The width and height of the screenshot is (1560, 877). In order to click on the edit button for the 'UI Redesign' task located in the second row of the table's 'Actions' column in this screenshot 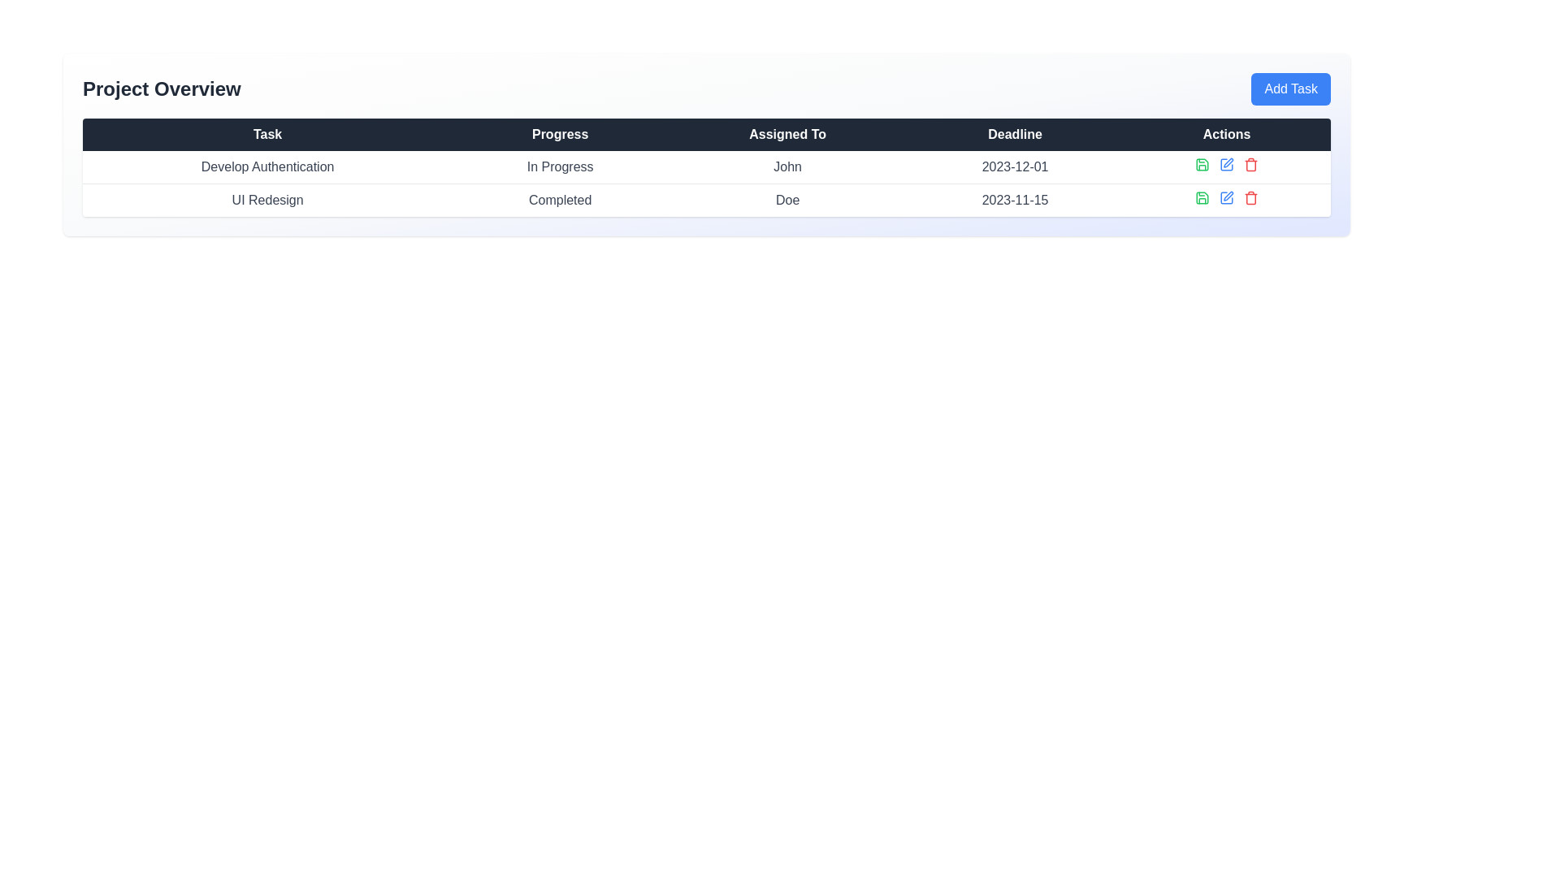, I will do `click(1227, 165)`.